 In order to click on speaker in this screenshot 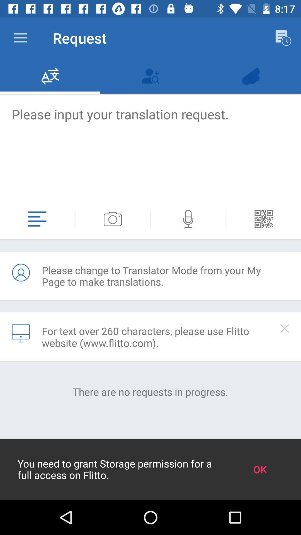, I will do `click(188, 219)`.